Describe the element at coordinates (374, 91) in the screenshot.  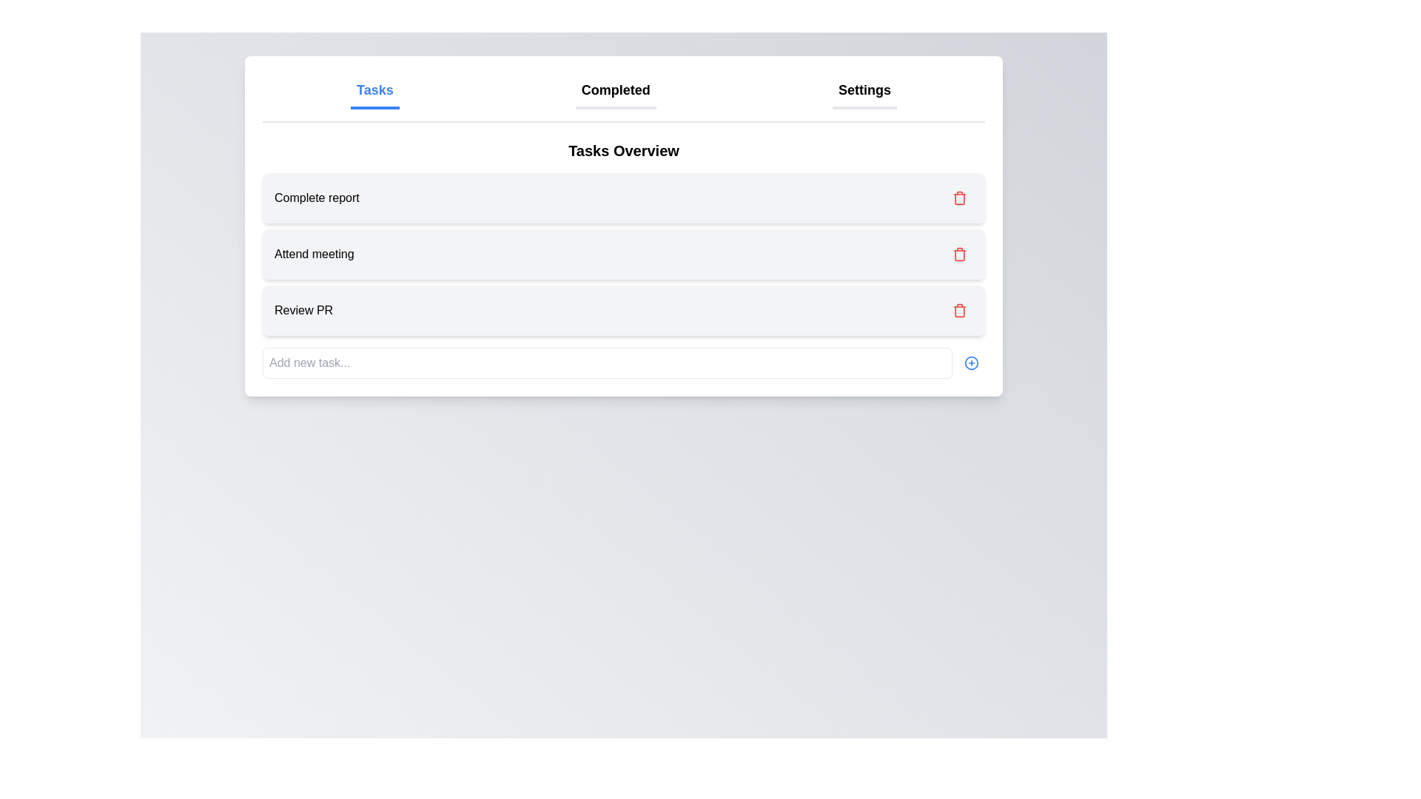
I see `the 'Tasks' tab, which is a bold, blue, underlined text label located at the top of the interface` at that location.